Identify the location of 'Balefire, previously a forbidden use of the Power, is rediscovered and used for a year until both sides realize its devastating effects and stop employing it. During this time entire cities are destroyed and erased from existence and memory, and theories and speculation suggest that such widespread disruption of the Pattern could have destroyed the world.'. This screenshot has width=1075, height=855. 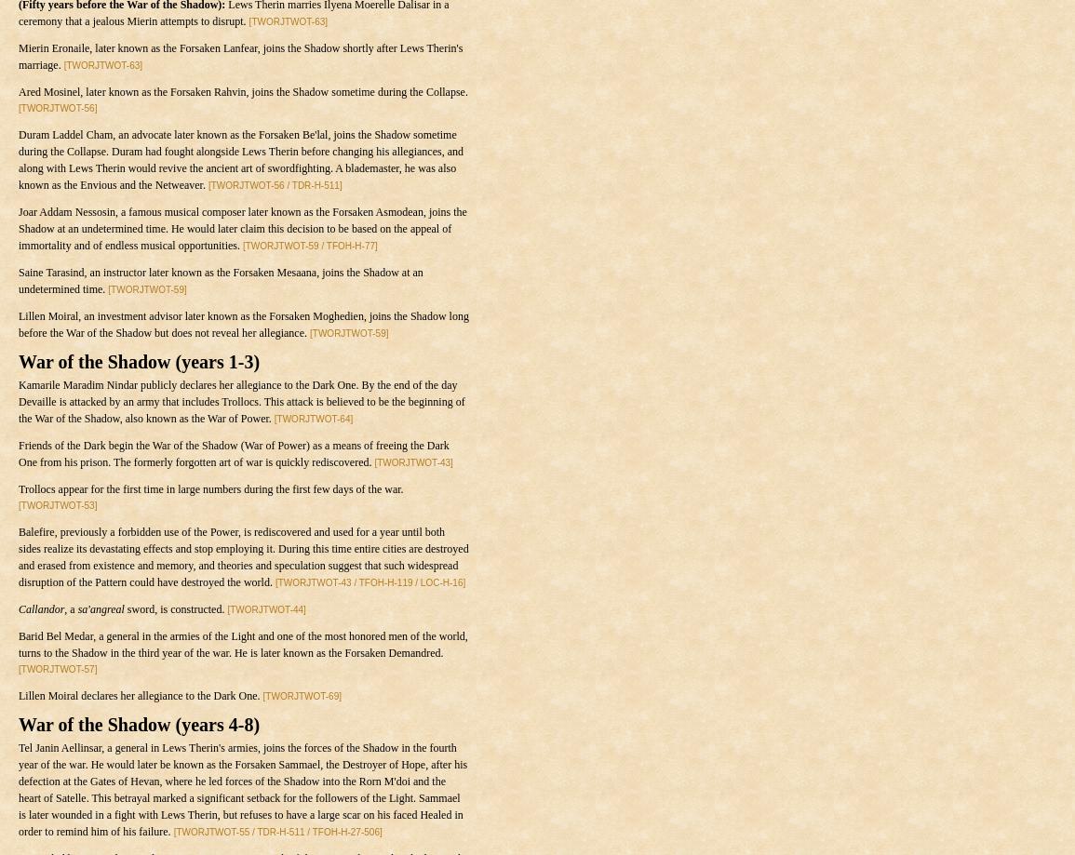
(17, 557).